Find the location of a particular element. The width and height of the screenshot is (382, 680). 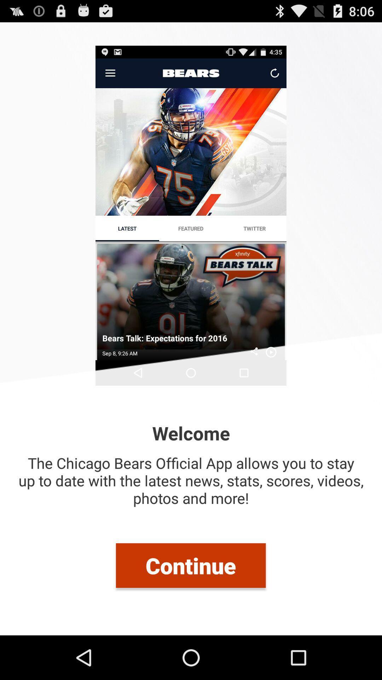

continue is located at coordinates (190, 565).